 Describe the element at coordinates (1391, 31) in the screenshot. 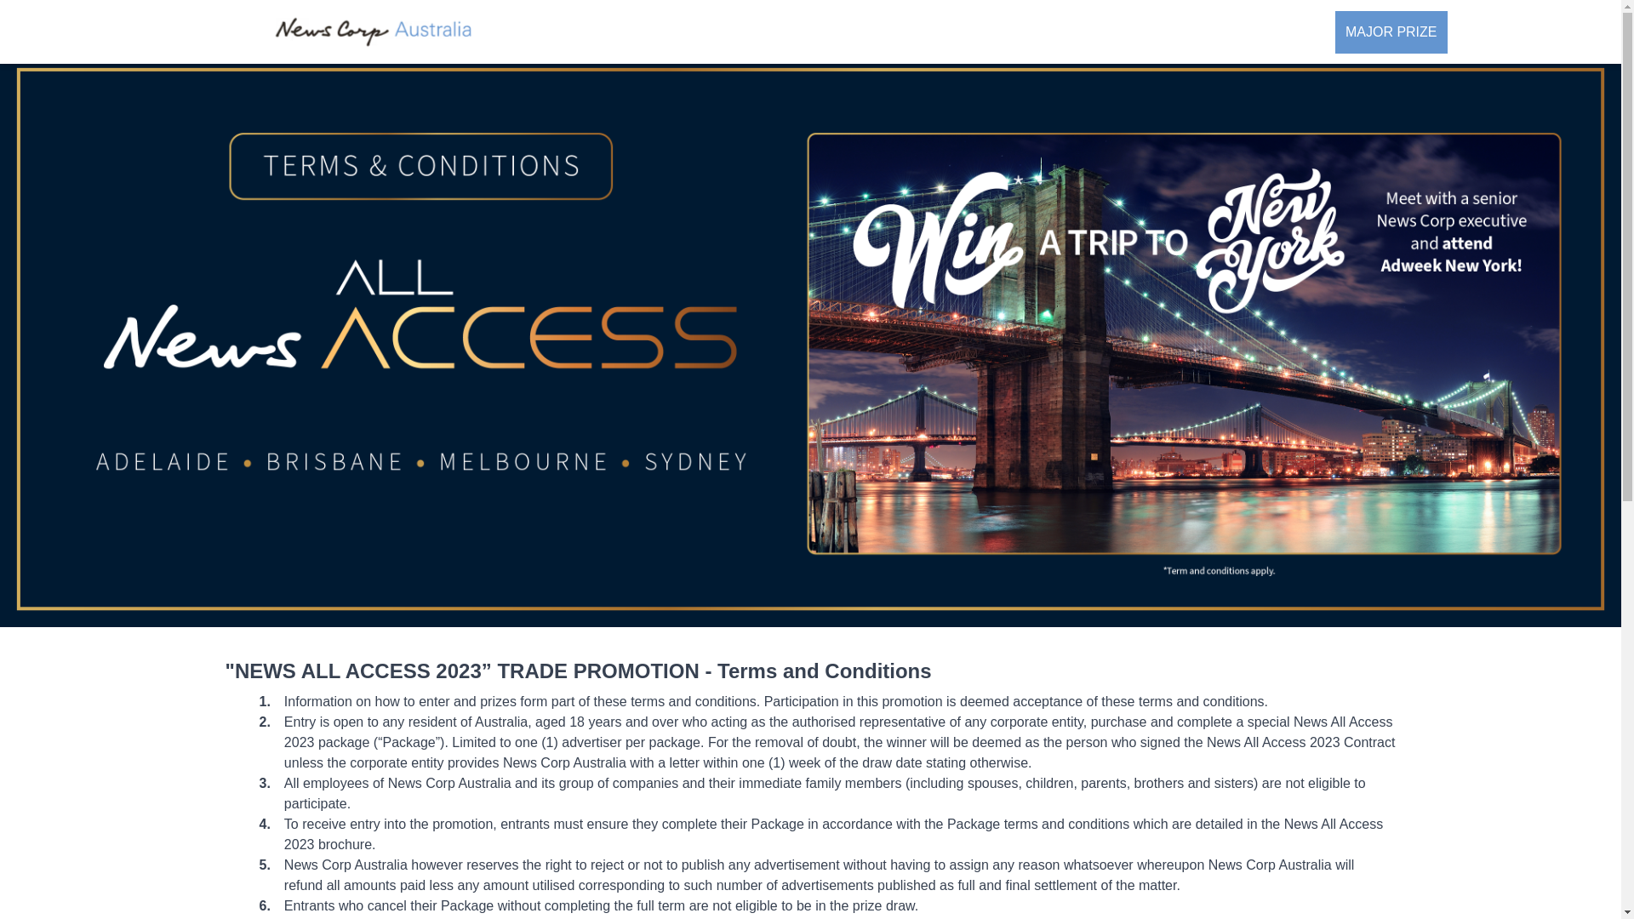

I see `'MAJOR PRIZE'` at that location.